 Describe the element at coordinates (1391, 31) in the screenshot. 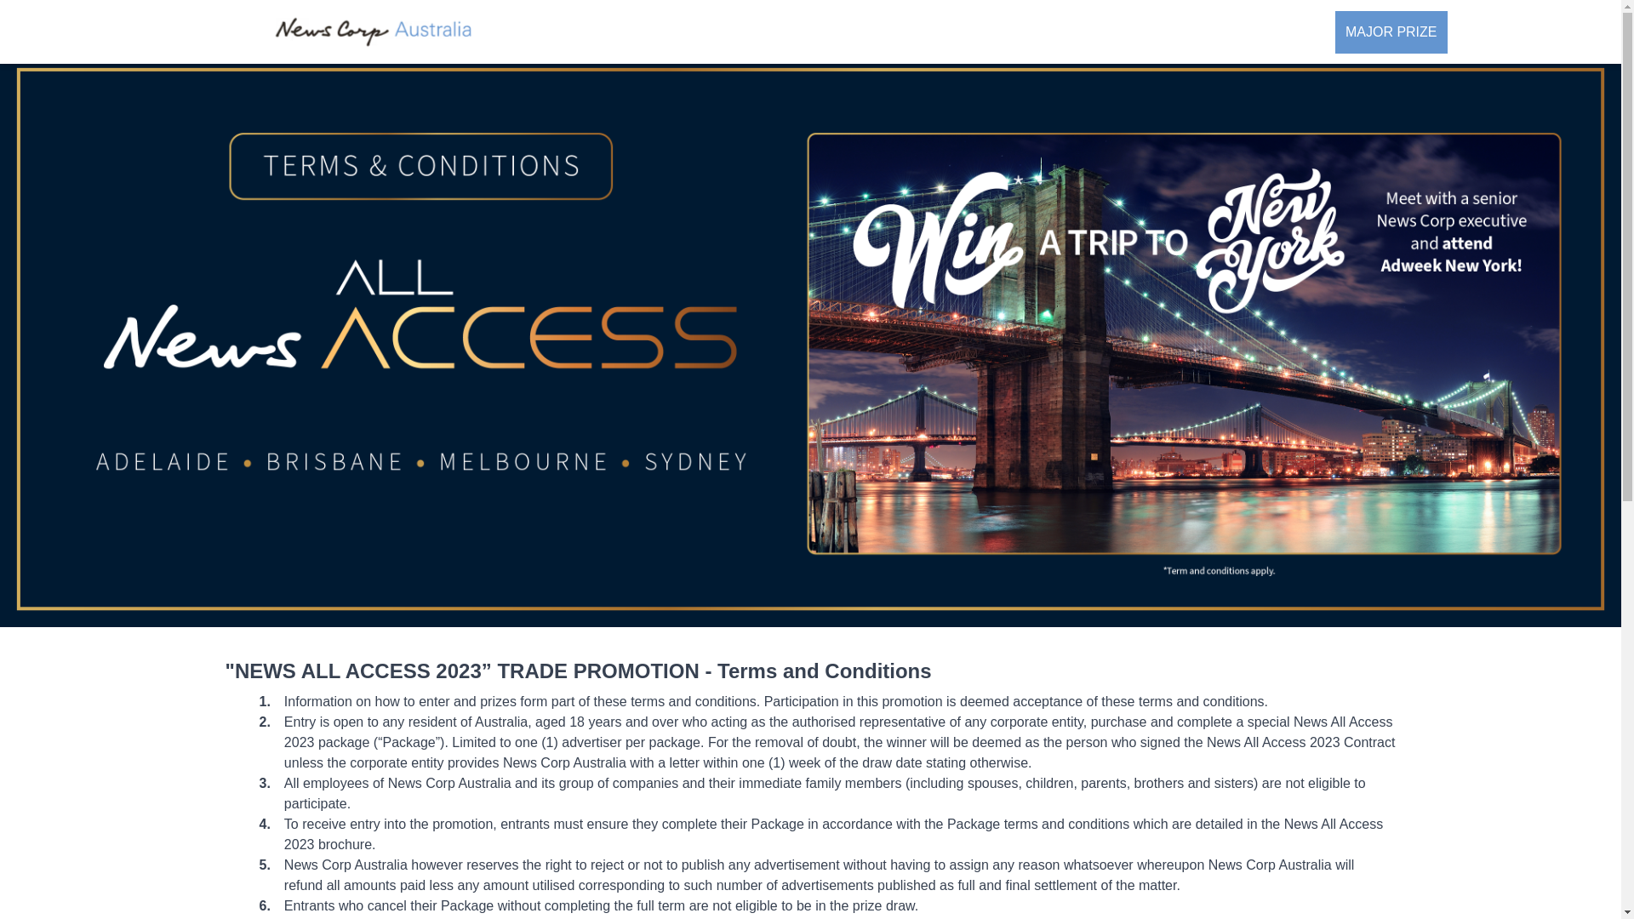

I see `'MAJOR PRIZE'` at that location.